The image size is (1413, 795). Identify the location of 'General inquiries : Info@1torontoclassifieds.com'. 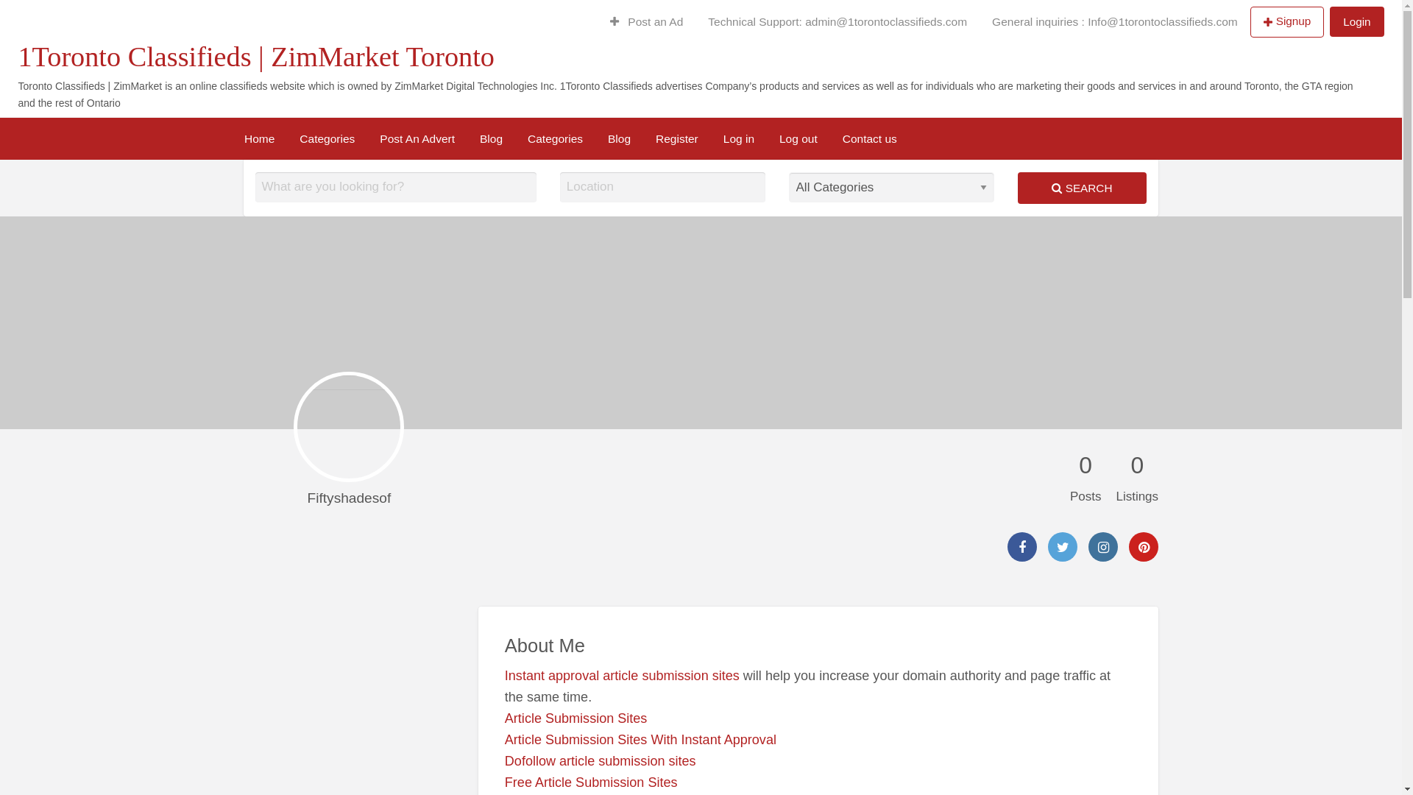
(1115, 21).